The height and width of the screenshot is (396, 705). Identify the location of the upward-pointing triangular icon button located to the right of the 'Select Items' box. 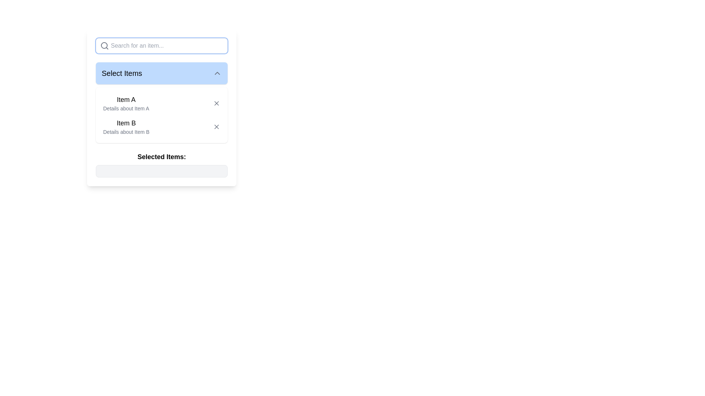
(217, 73).